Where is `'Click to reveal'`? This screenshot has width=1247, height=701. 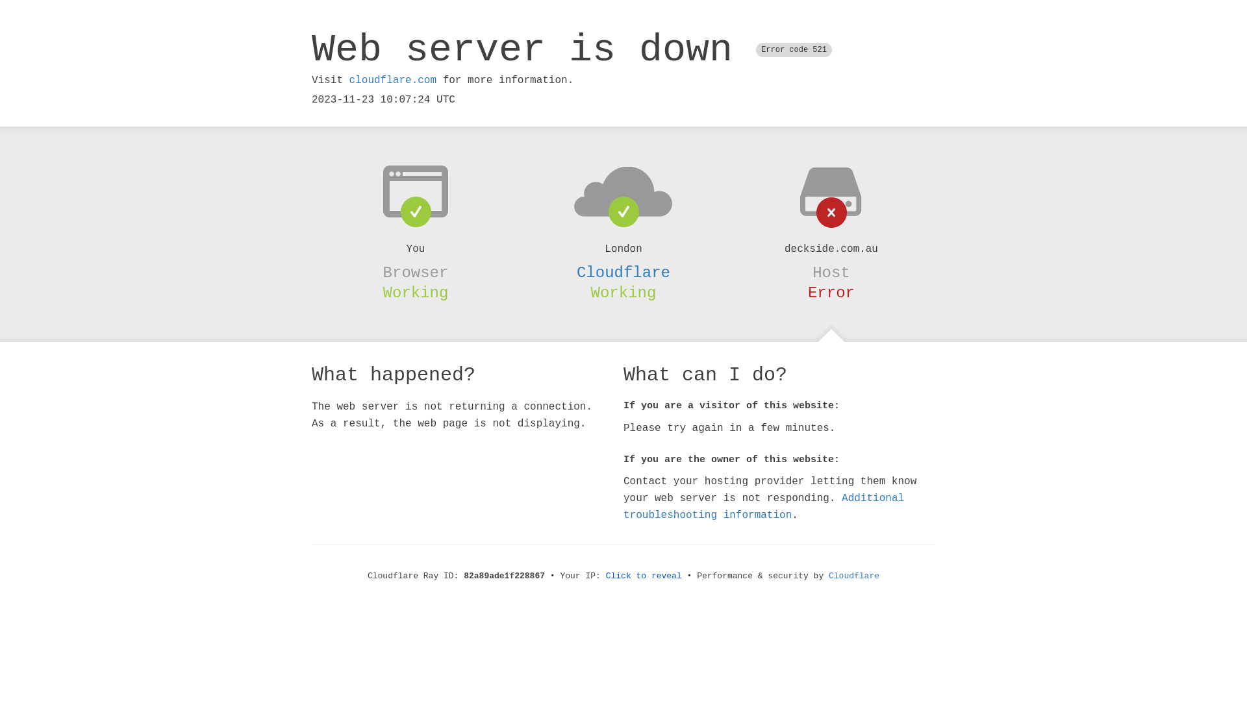 'Click to reveal' is located at coordinates (644, 575).